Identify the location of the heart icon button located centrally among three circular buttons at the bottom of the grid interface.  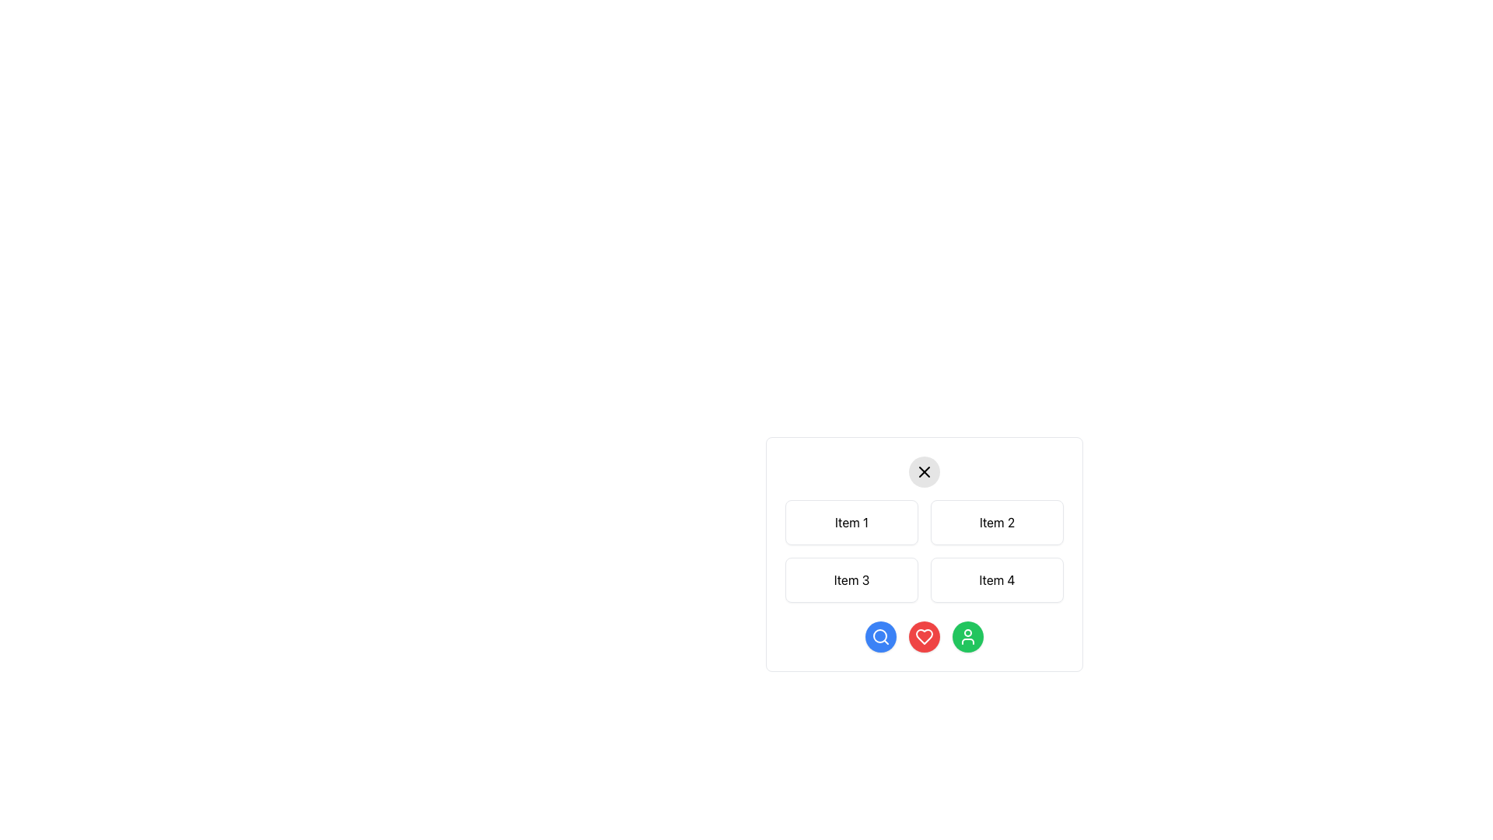
(925, 636).